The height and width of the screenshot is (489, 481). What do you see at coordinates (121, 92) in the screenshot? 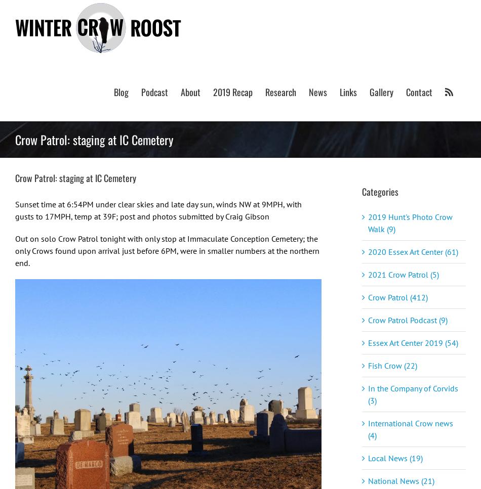
I see `'Blog'` at bounding box center [121, 92].